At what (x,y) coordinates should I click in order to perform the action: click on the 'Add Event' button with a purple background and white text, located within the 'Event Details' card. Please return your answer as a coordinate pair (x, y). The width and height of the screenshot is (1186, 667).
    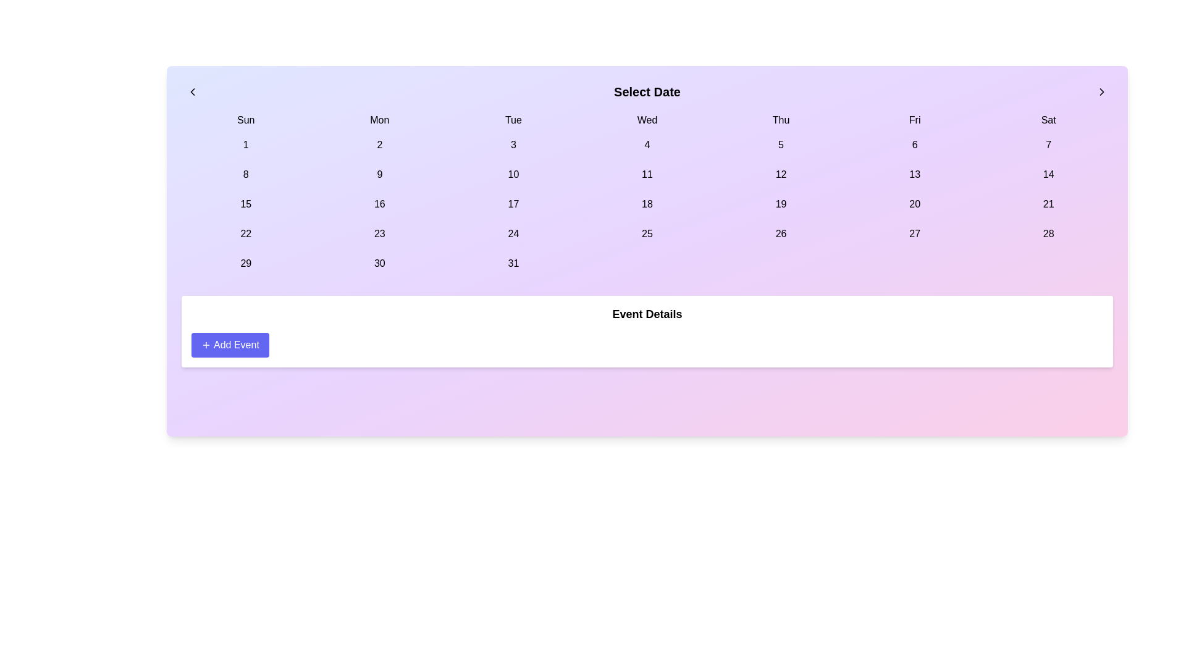
    Looking at the image, I should click on (230, 345).